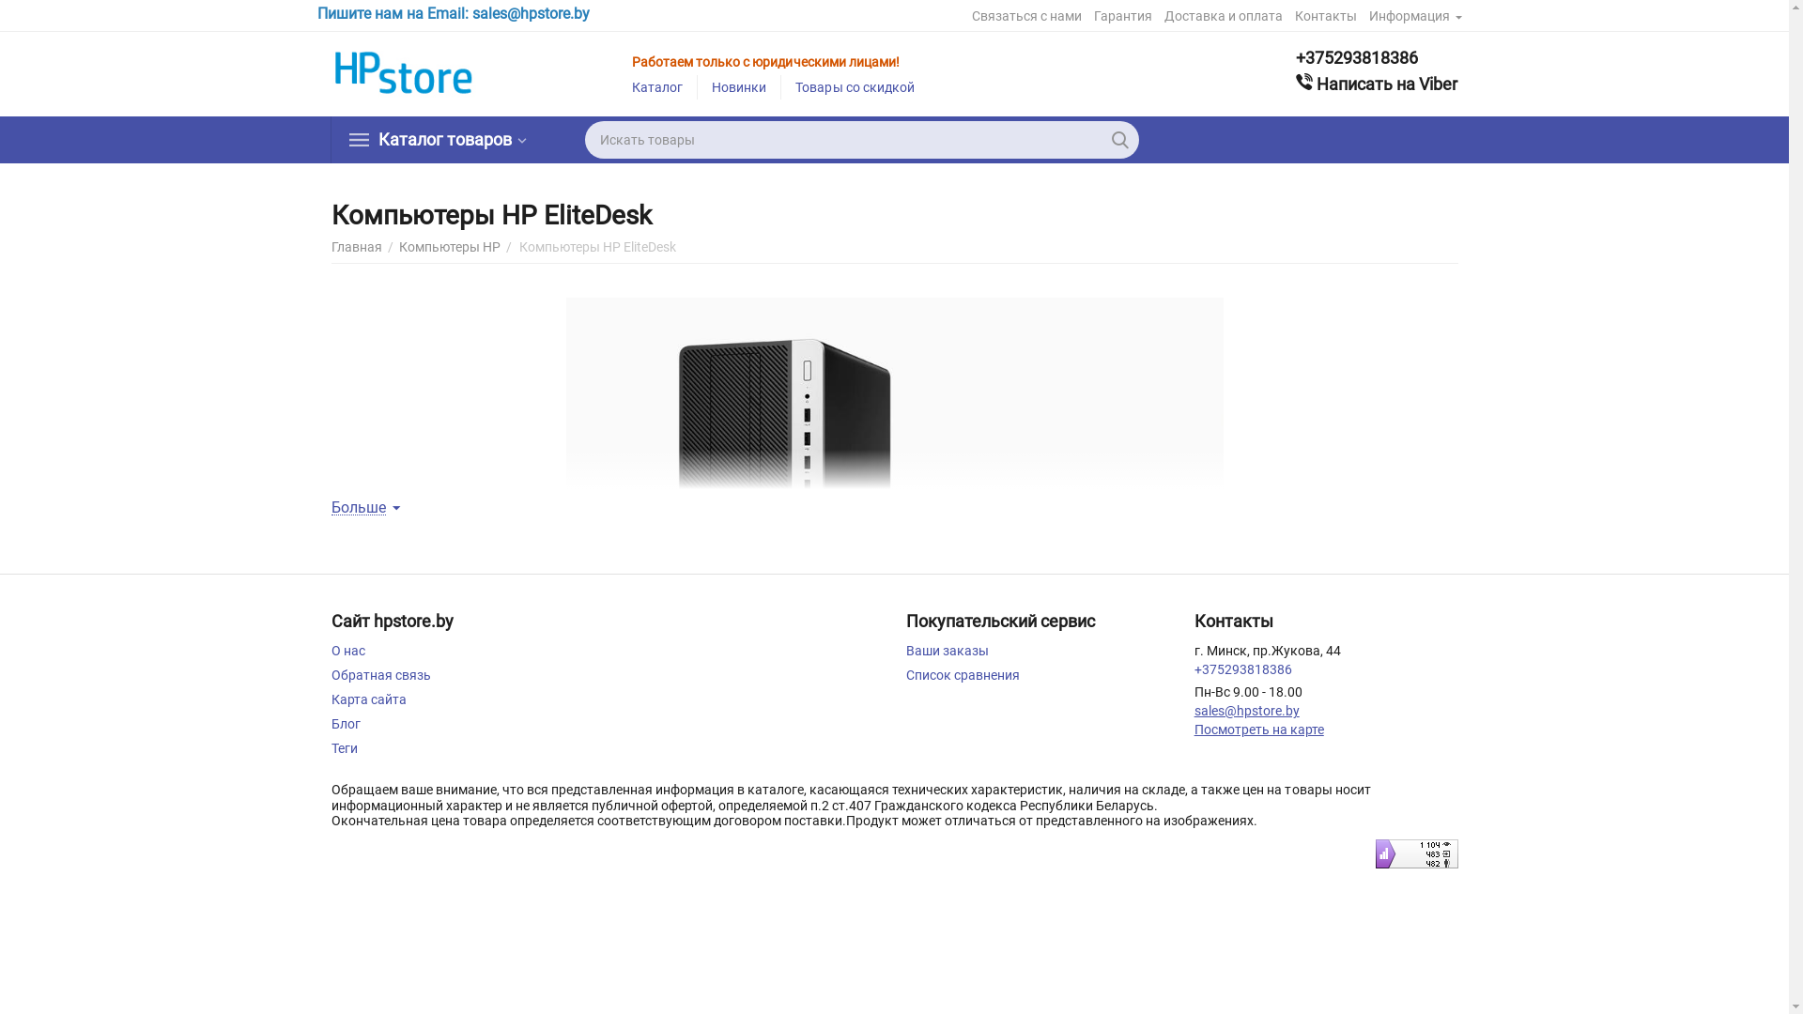 Image resolution: width=1803 pixels, height=1014 pixels. Describe the element at coordinates (404, 72) in the screenshot. I see `'HPstore.by'` at that location.